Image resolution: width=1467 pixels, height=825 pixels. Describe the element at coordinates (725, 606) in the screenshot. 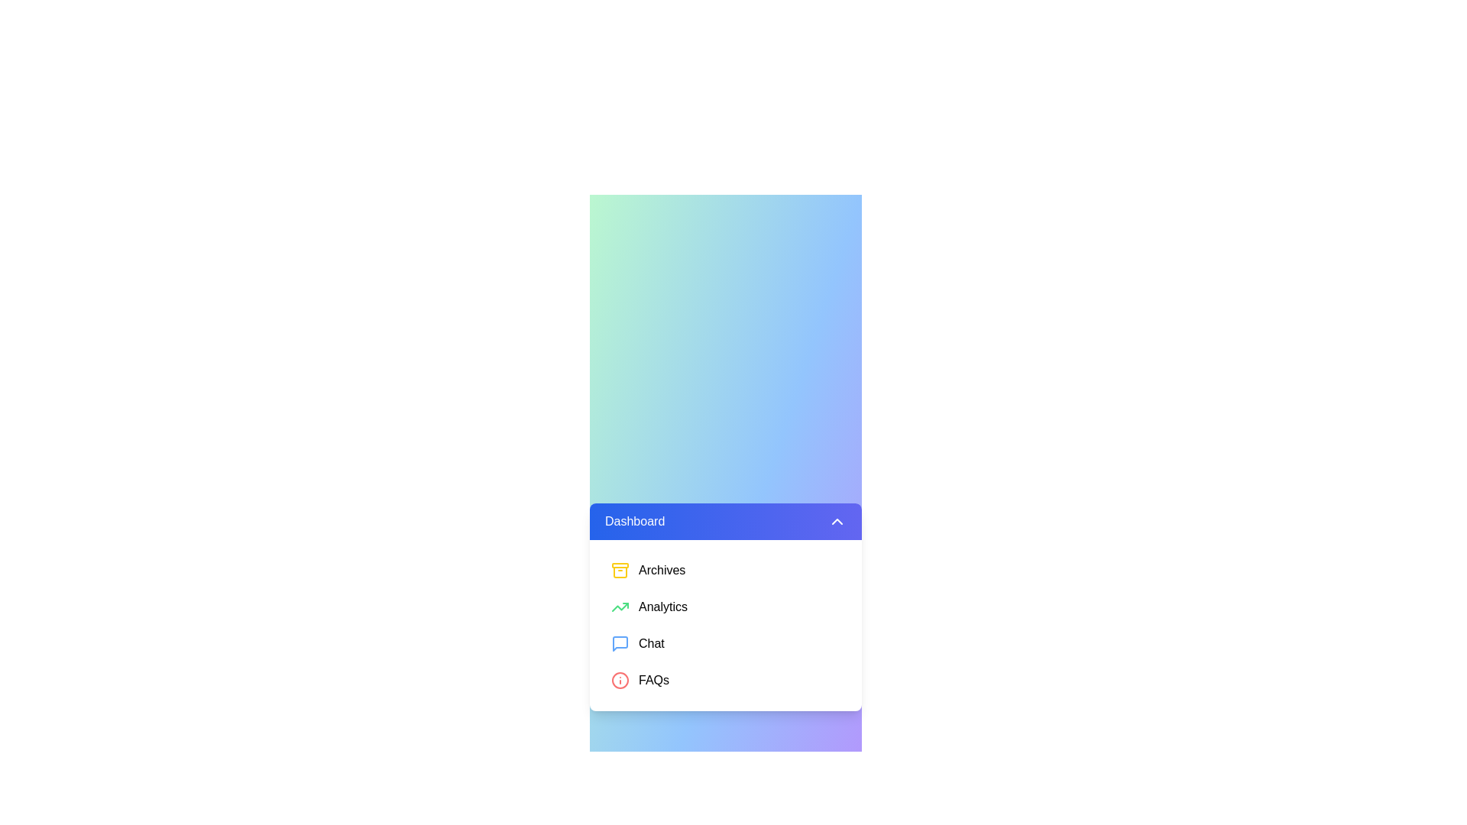

I see `the menu item Analytics` at that location.